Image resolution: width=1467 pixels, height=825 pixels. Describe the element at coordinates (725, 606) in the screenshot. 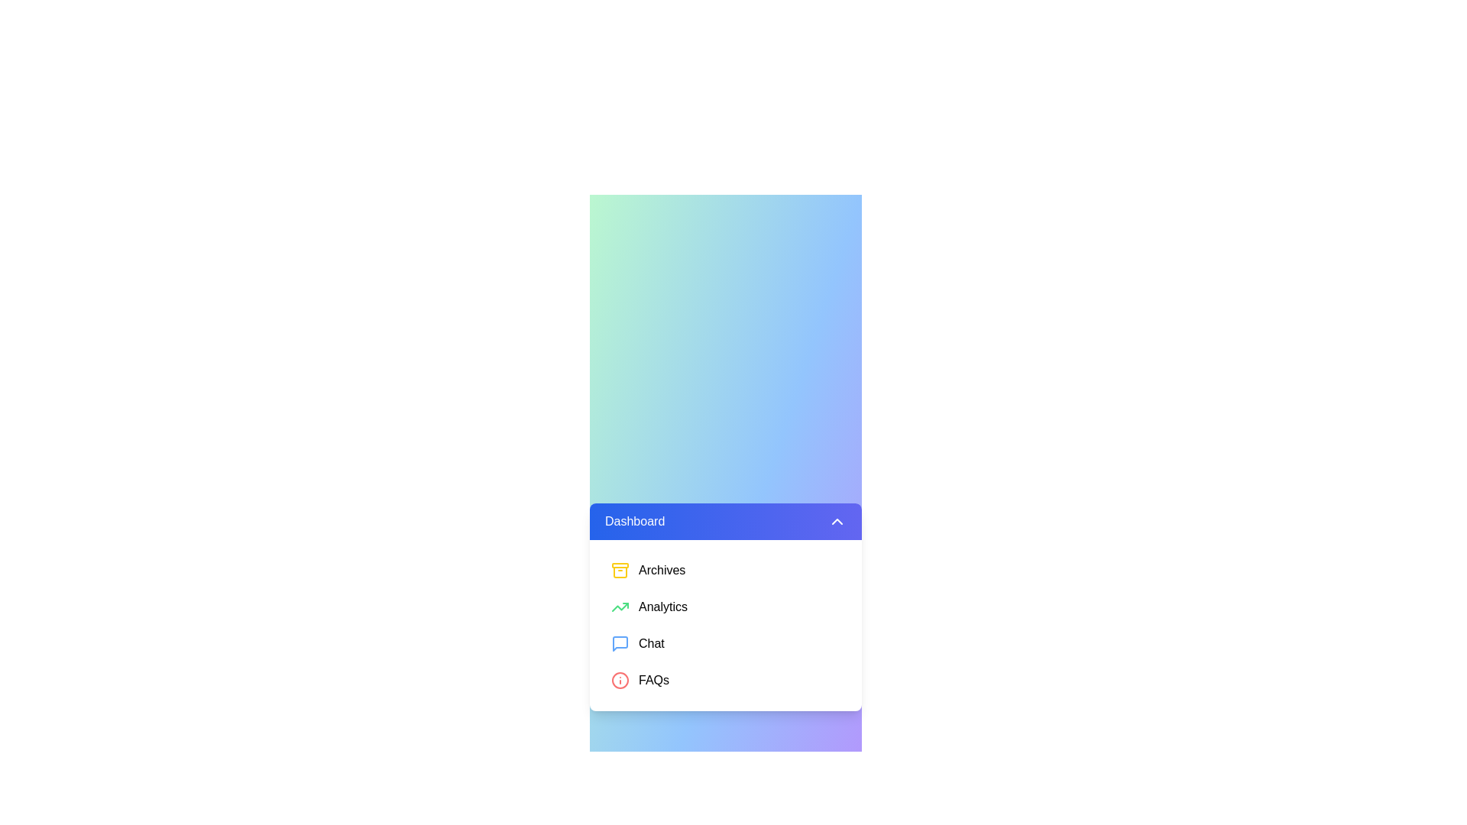

I see `the menu item Analytics` at that location.